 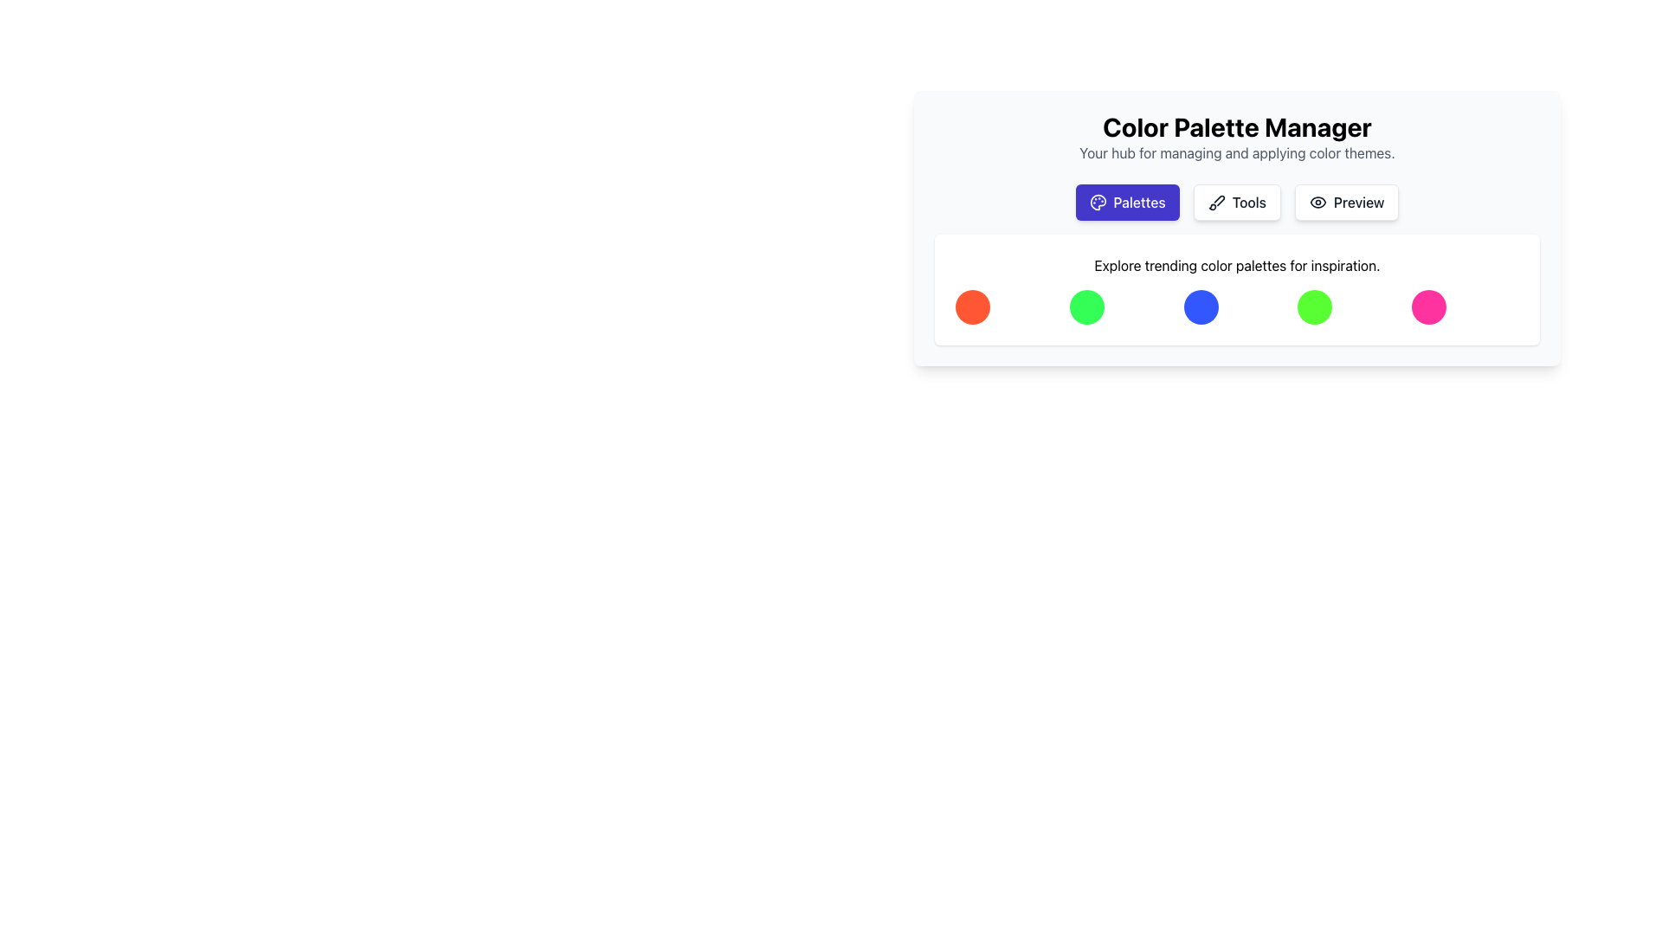 What do you see at coordinates (1097, 202) in the screenshot?
I see `the leftmost icon of the 'Palettes' button, which visually reinforces its purpose related to managing color palettes` at bounding box center [1097, 202].